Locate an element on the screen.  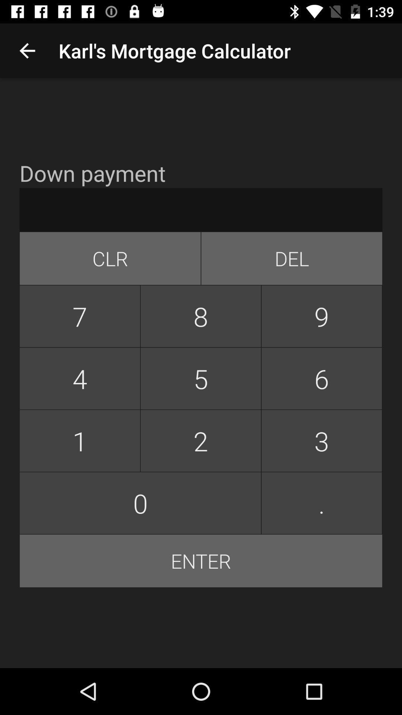
item next to the 3 item is located at coordinates (140, 503).